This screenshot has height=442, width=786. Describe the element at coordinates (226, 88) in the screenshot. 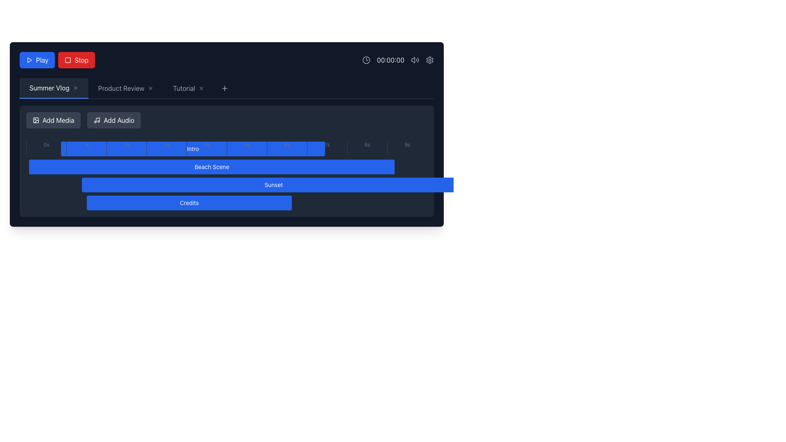

I see `the Tab Bar located at the top-center of the interface to switch tabs between sections like 'Summer Vlog', 'Product Review', and 'Tutorial'` at that location.